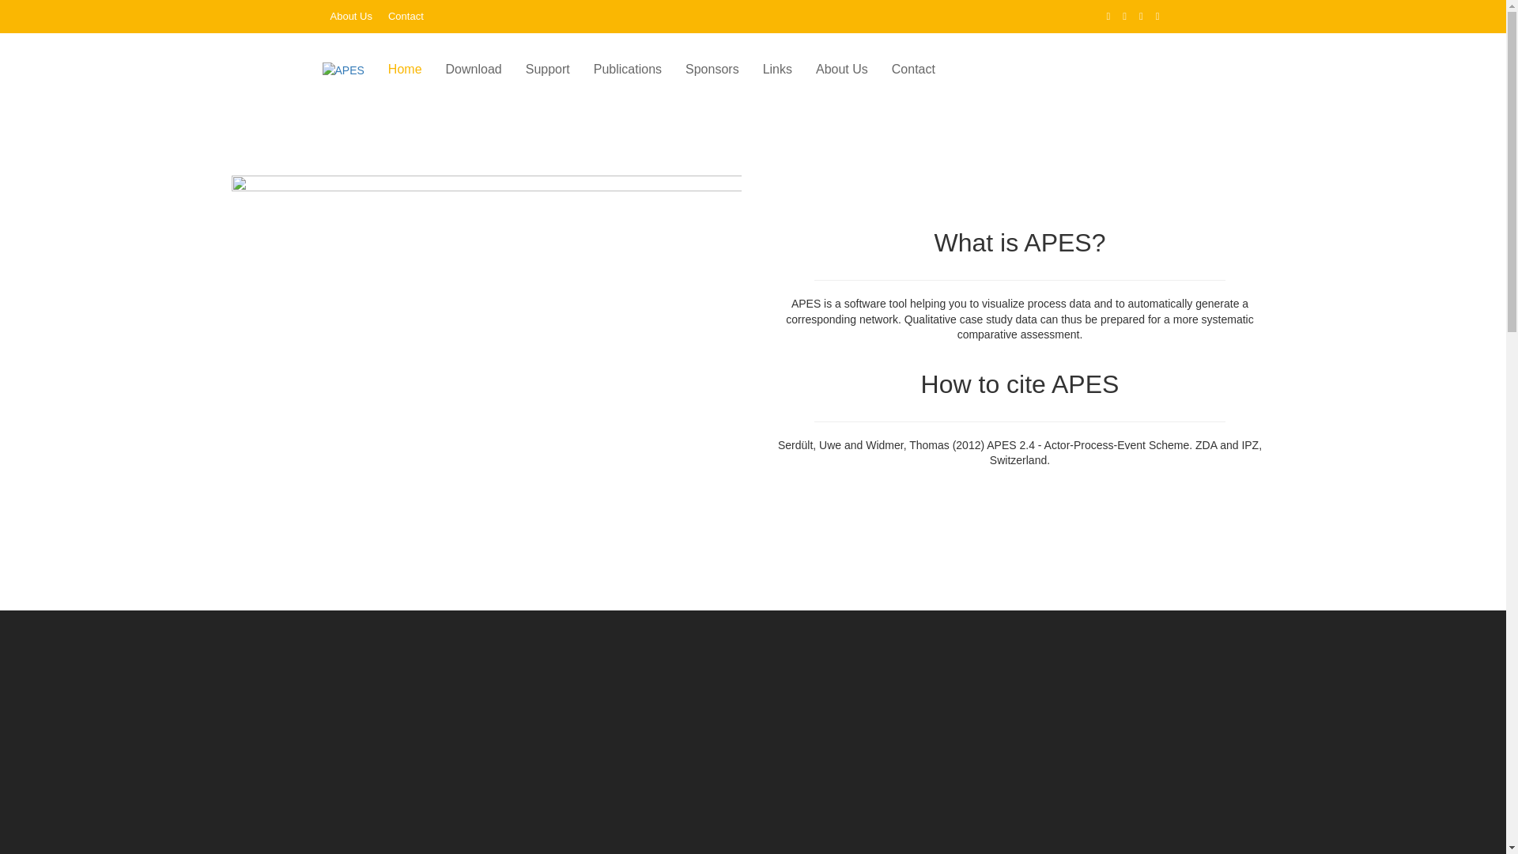 The height and width of the screenshot is (854, 1518). What do you see at coordinates (750, 69) in the screenshot?
I see `'Links'` at bounding box center [750, 69].